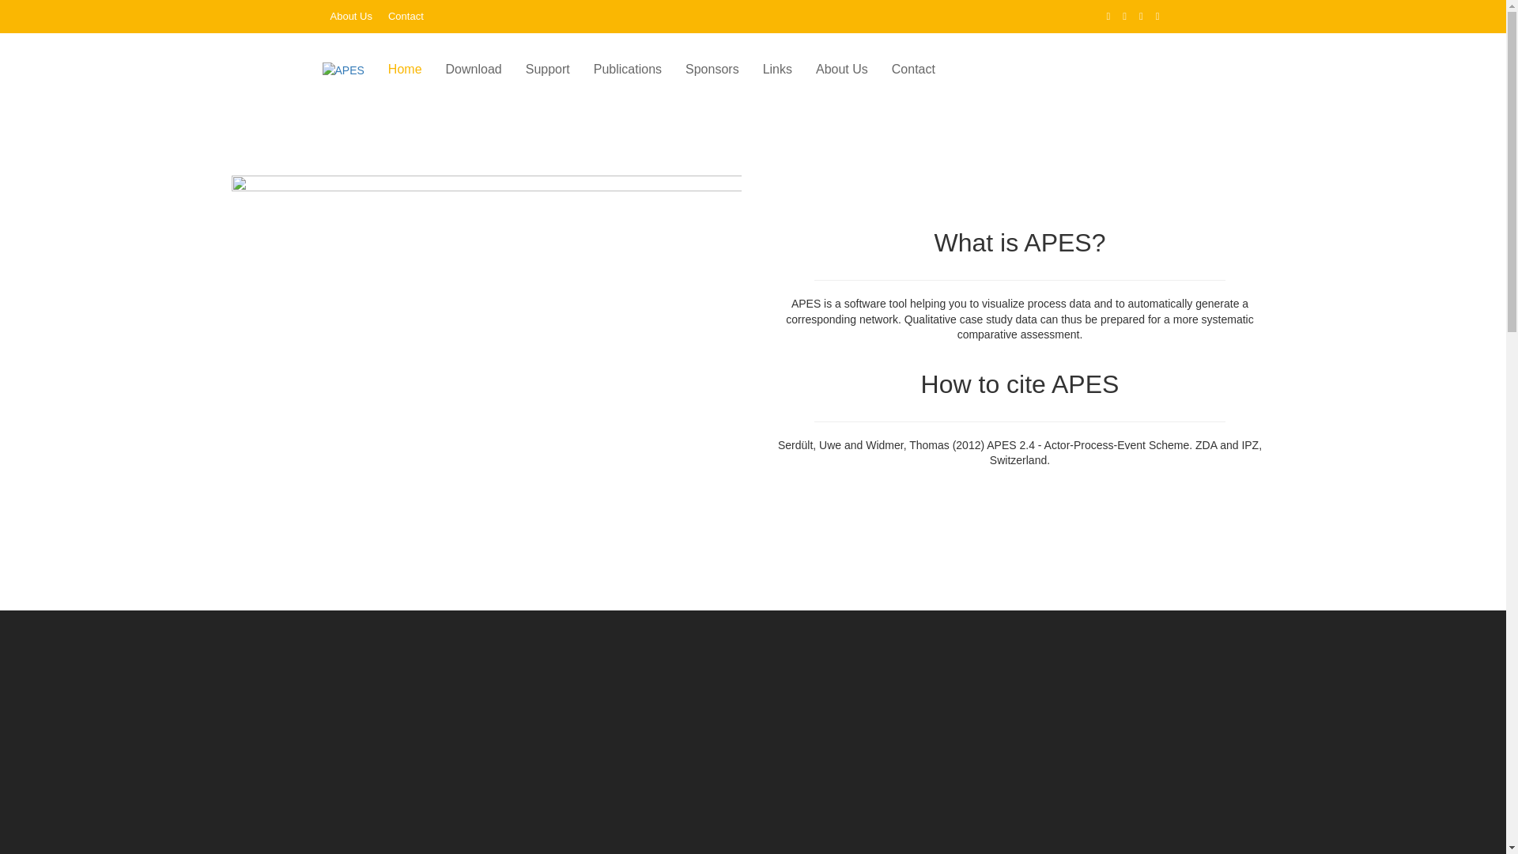 The height and width of the screenshot is (854, 1518). What do you see at coordinates (750, 69) in the screenshot?
I see `'Links'` at bounding box center [750, 69].